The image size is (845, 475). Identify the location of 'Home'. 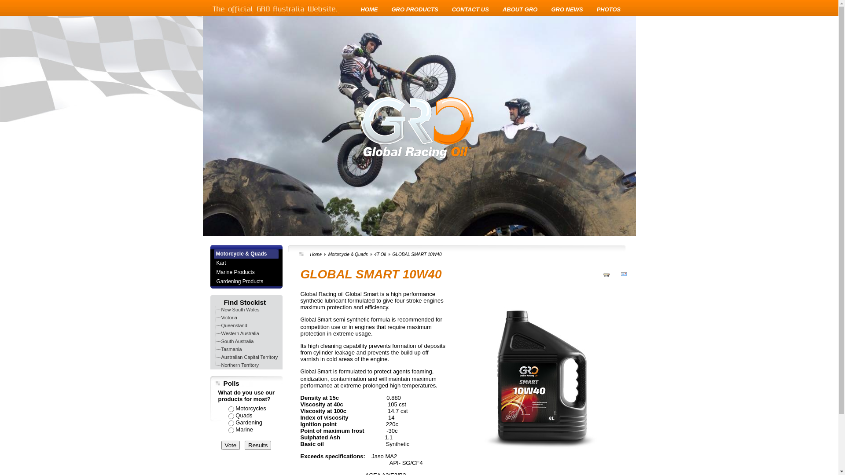
(310, 254).